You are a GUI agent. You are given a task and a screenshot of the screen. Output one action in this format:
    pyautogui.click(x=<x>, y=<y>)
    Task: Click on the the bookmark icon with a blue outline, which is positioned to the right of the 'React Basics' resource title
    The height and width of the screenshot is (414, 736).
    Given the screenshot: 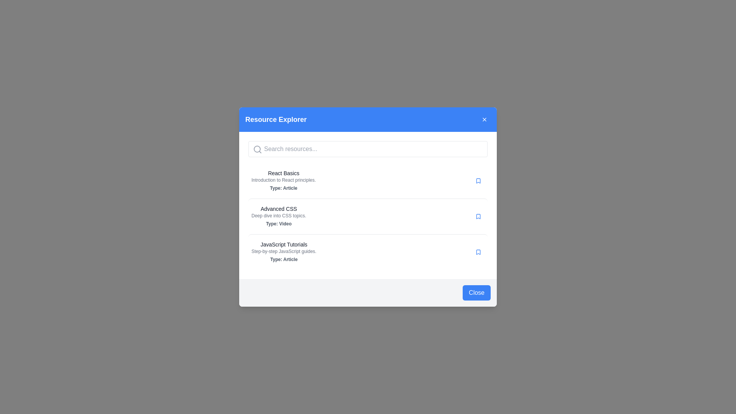 What is the action you would take?
    pyautogui.click(x=478, y=181)
    